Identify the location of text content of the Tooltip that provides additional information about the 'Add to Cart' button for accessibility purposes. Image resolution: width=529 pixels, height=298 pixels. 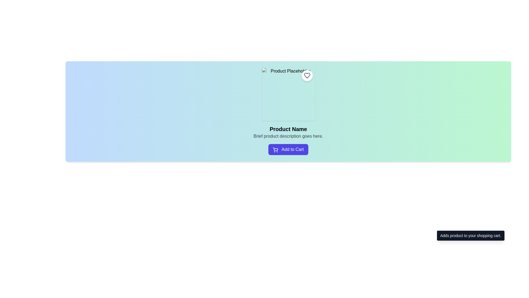
(470, 235).